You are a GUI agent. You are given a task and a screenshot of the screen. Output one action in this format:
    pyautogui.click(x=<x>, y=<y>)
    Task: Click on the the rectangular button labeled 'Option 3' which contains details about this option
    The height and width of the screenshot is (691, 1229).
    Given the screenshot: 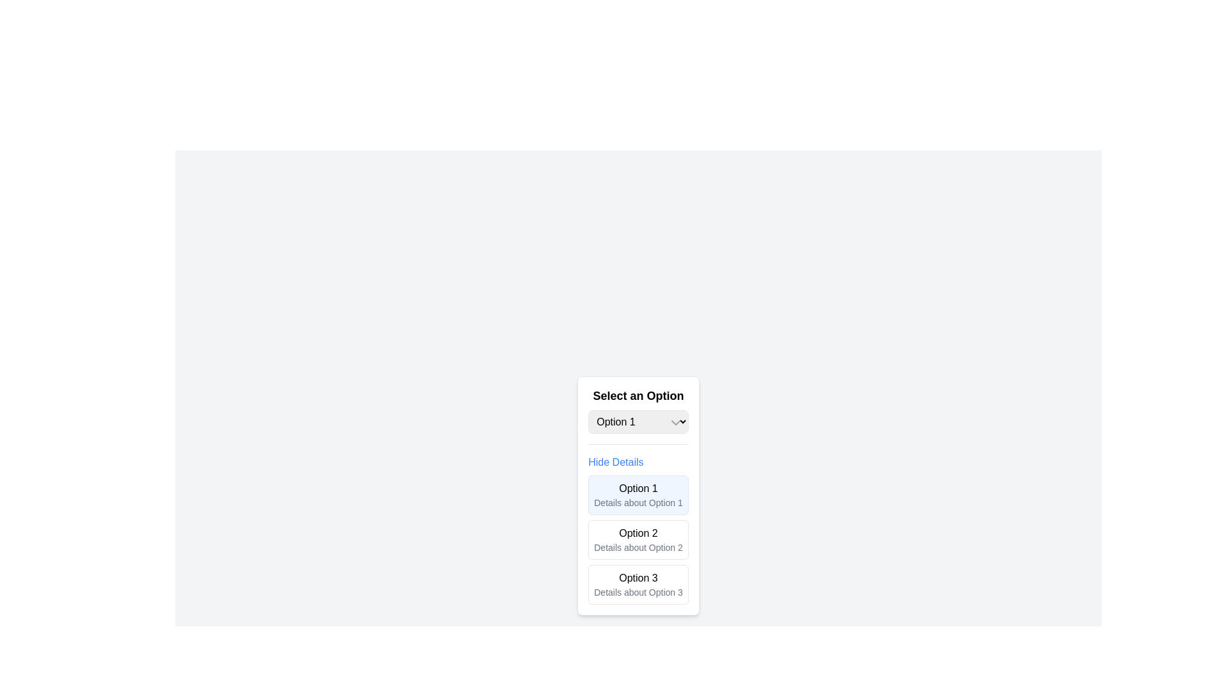 What is the action you would take?
    pyautogui.click(x=638, y=585)
    